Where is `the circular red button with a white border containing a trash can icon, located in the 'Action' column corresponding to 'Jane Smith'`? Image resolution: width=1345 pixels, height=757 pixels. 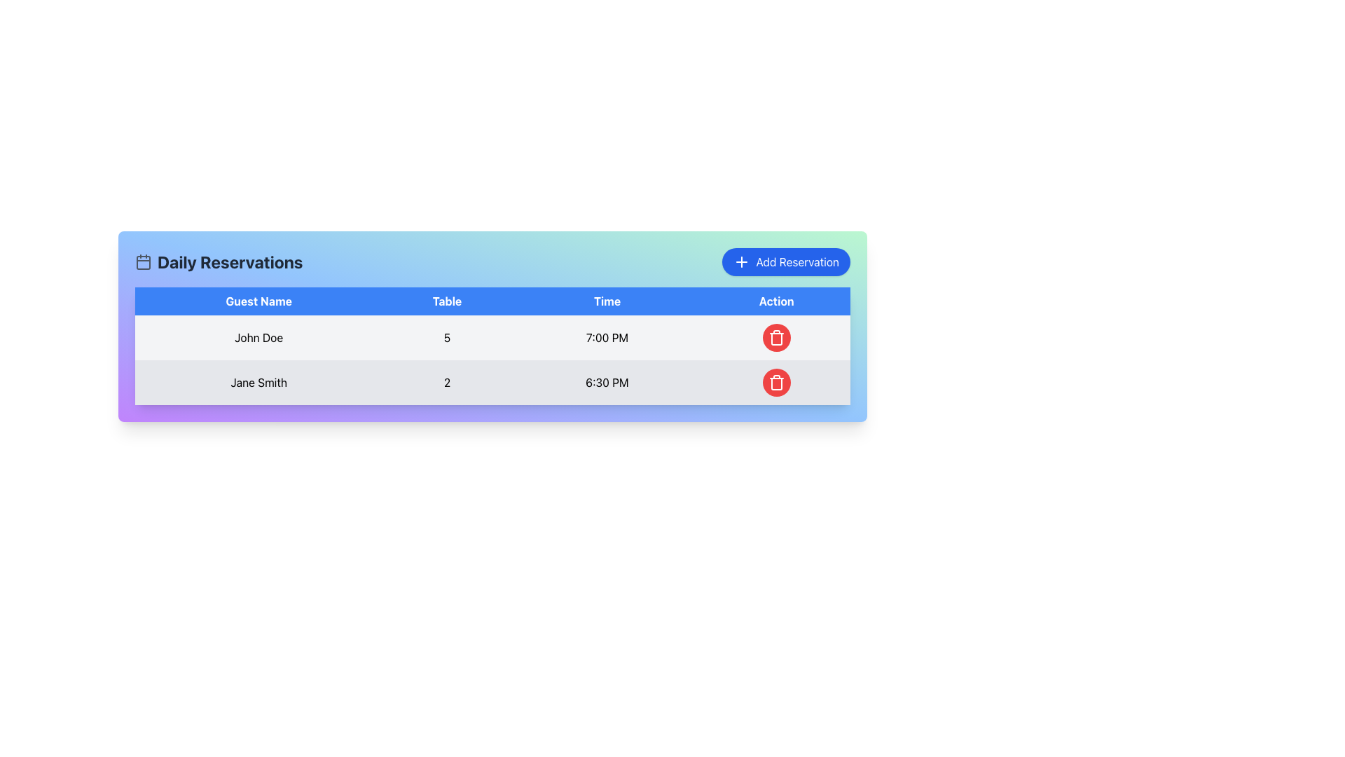 the circular red button with a white border containing a trash can icon, located in the 'Action' column corresponding to 'Jane Smith' is located at coordinates (775, 383).